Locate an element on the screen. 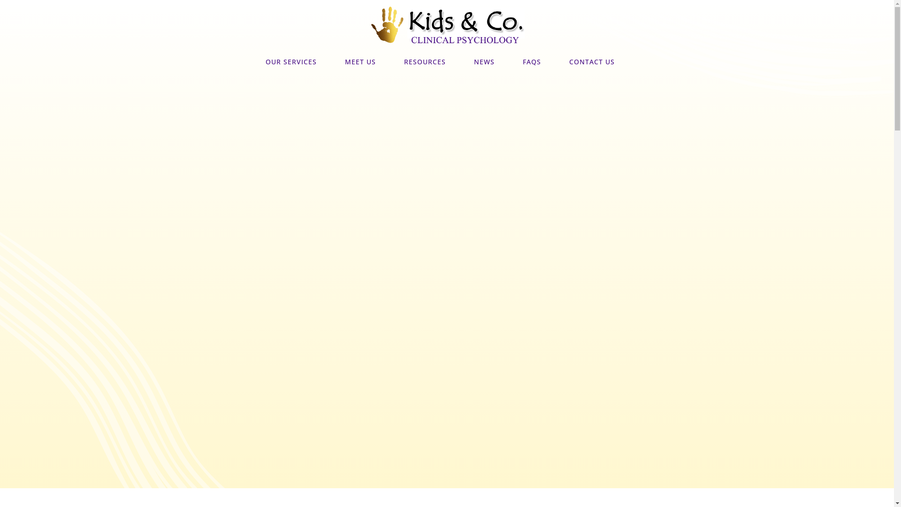 This screenshot has width=901, height=507. 'FAQS' is located at coordinates (532, 61).